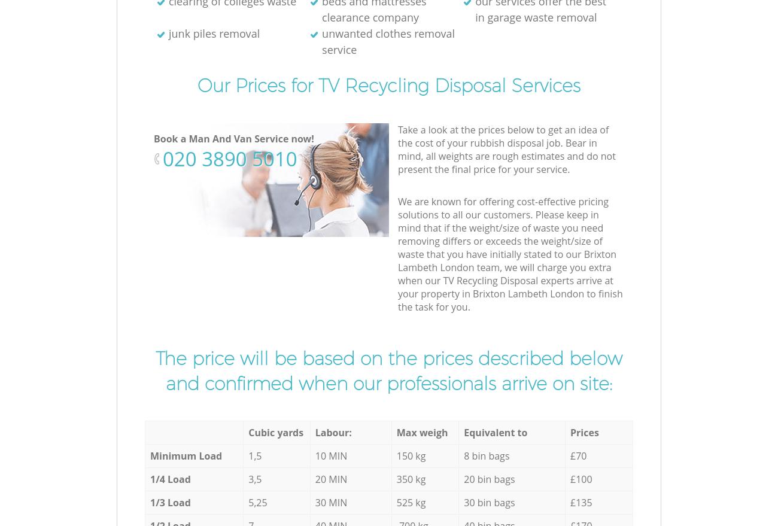 The height and width of the screenshot is (526, 778). Describe the element at coordinates (421, 431) in the screenshot. I see `'Max weigh'` at that location.